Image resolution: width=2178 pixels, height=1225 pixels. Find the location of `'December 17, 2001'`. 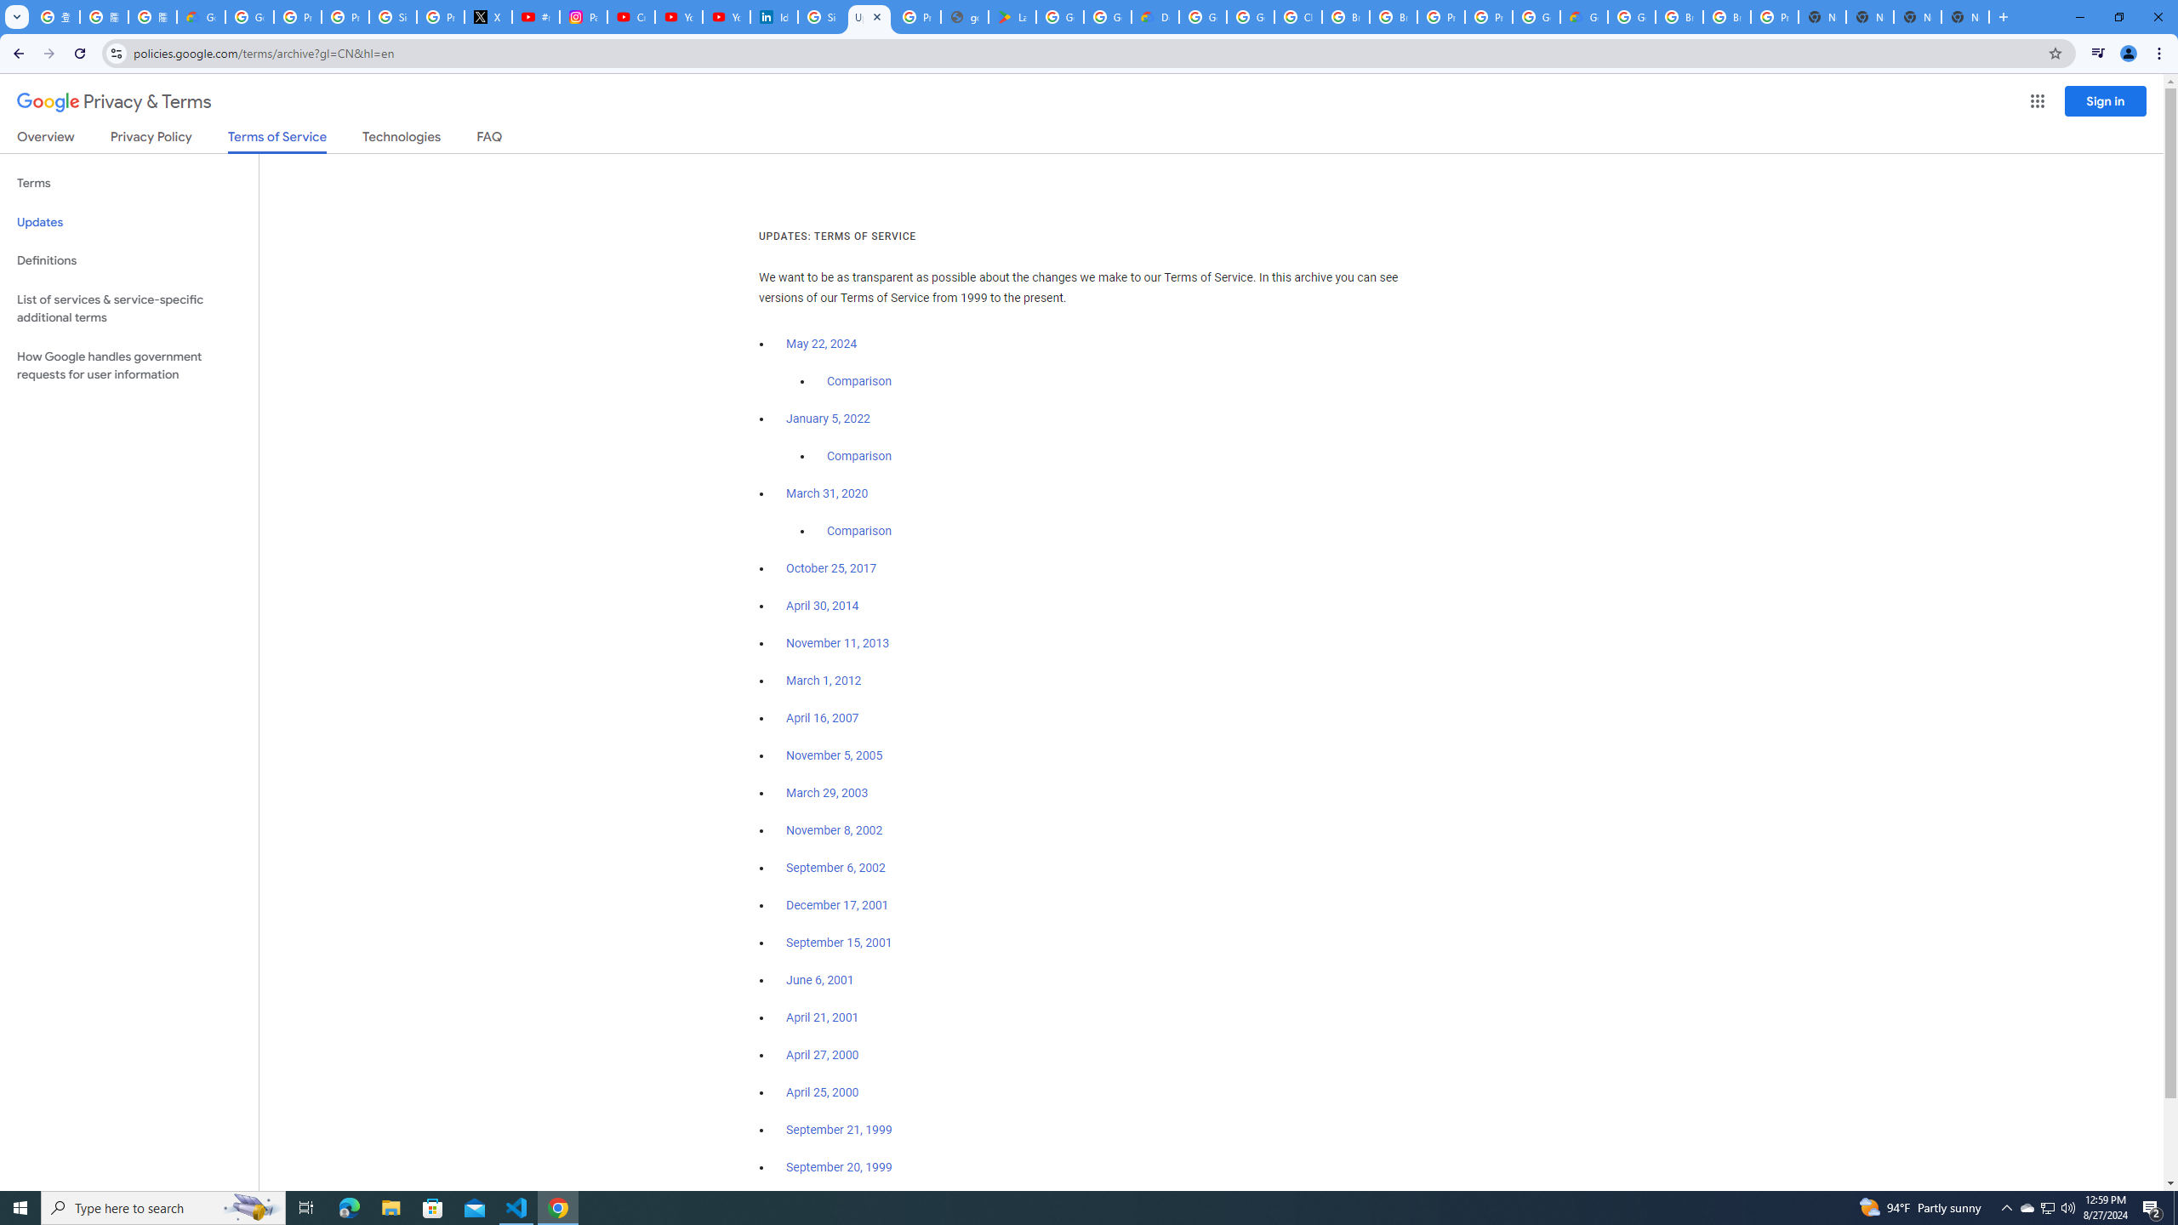

'December 17, 2001' is located at coordinates (836, 905).